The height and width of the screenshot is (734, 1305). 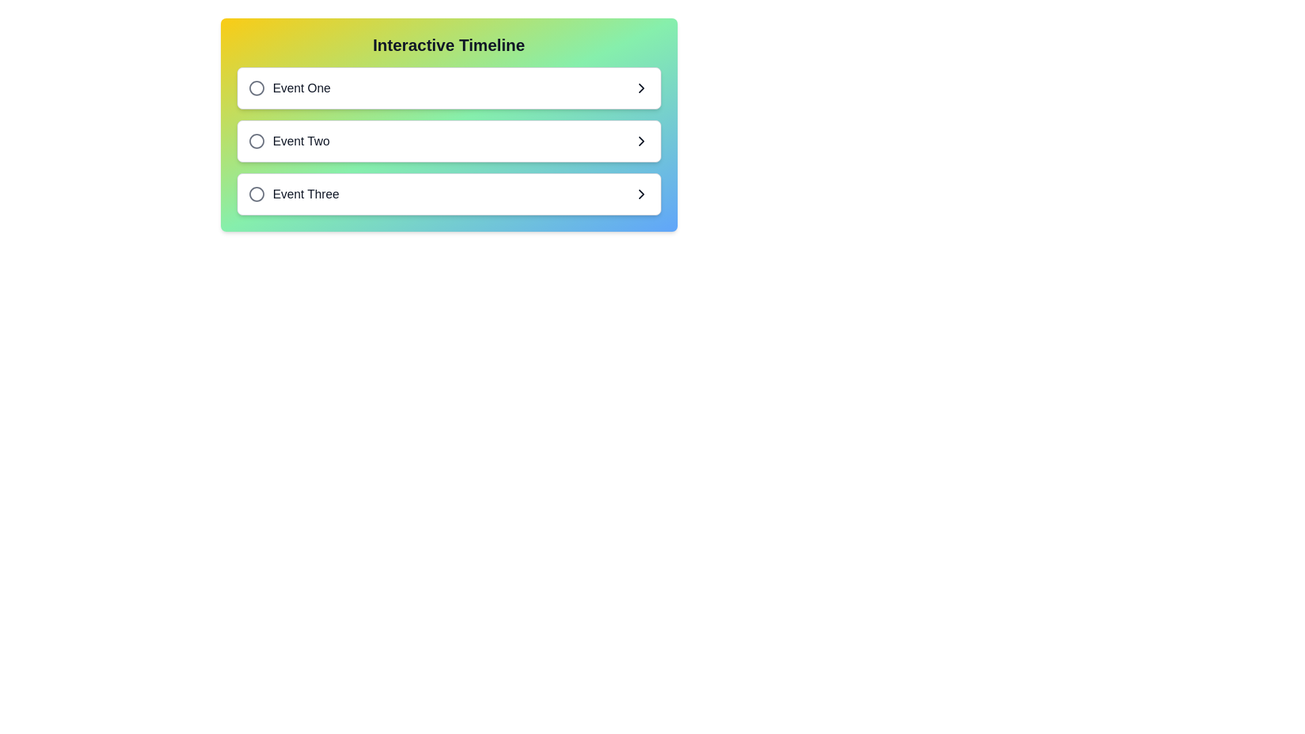 I want to click on the right-pointing arrow vector icon next to 'Event Two', so click(x=640, y=141).